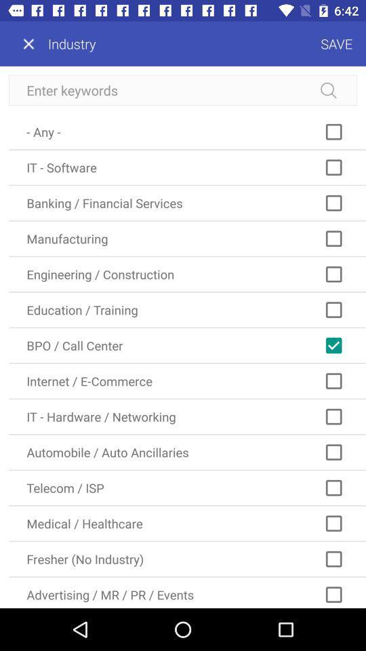 The width and height of the screenshot is (366, 651). What do you see at coordinates (186, 592) in the screenshot?
I see `the advertising mr pr item` at bounding box center [186, 592].